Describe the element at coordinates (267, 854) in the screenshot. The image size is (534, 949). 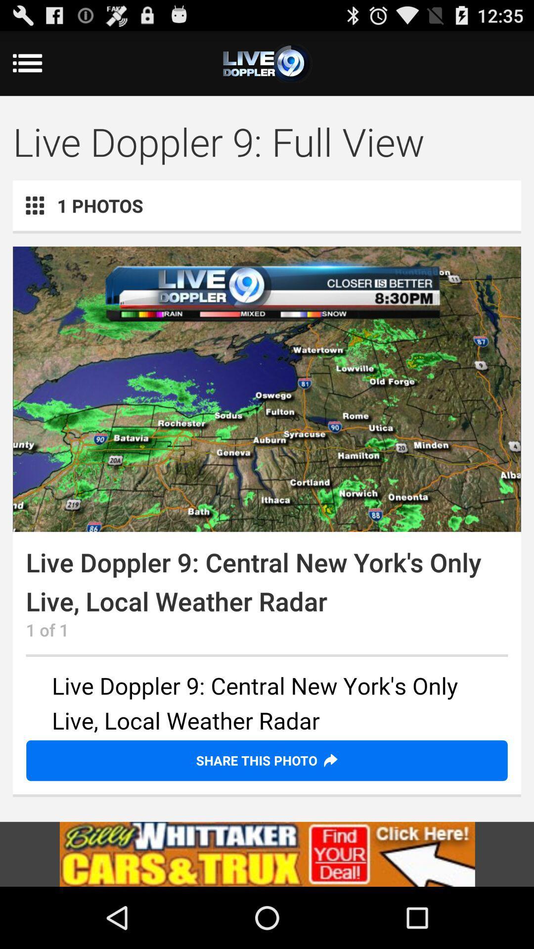
I see `load advert` at that location.